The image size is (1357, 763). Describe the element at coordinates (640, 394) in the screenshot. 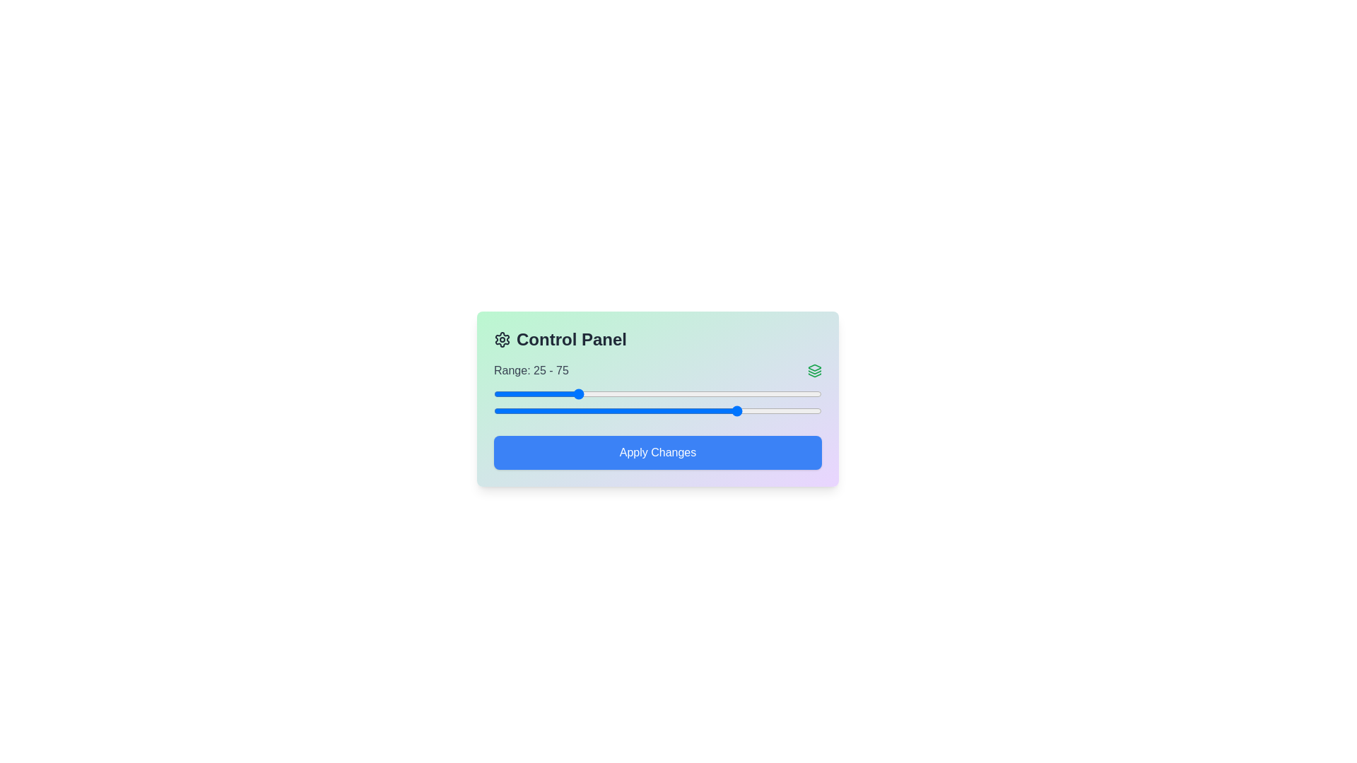

I see `the left slider to set the starting value to 45` at that location.